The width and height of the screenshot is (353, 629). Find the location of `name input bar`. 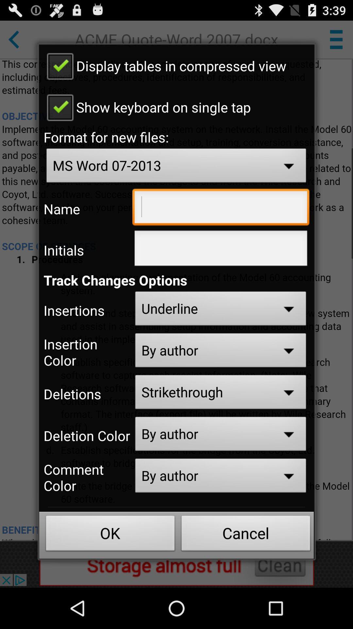

name input bar is located at coordinates (221, 208).